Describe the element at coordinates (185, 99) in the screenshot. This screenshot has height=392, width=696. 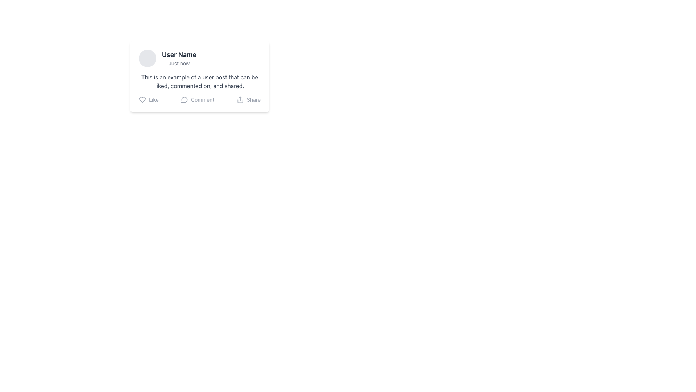
I see `the circular speech bubble icon representing comments, located at the bottom of a user post, between the 'Like' section and the 'Comment' label` at that location.